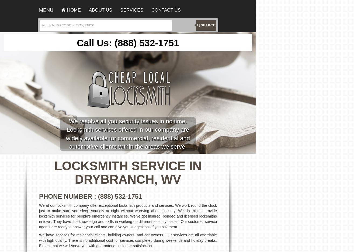 The height and width of the screenshot is (252, 354). What do you see at coordinates (66, 10) in the screenshot?
I see `'Home'` at bounding box center [66, 10].